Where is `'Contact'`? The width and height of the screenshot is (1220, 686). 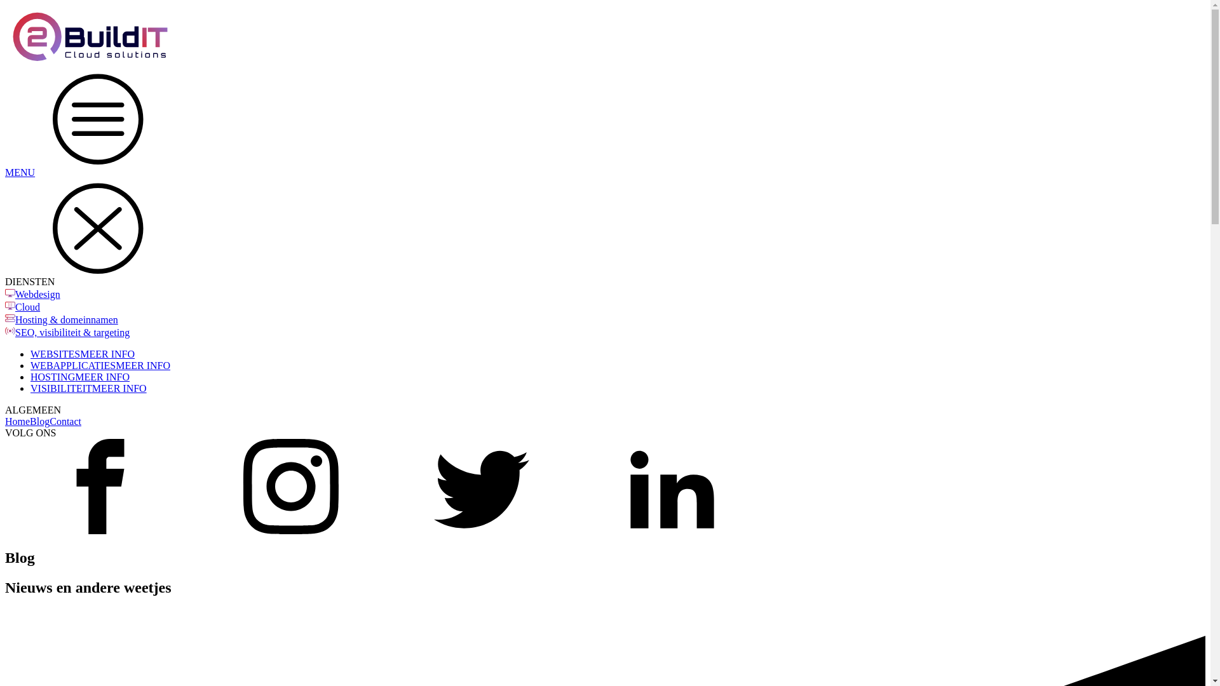 'Contact' is located at coordinates (64, 421).